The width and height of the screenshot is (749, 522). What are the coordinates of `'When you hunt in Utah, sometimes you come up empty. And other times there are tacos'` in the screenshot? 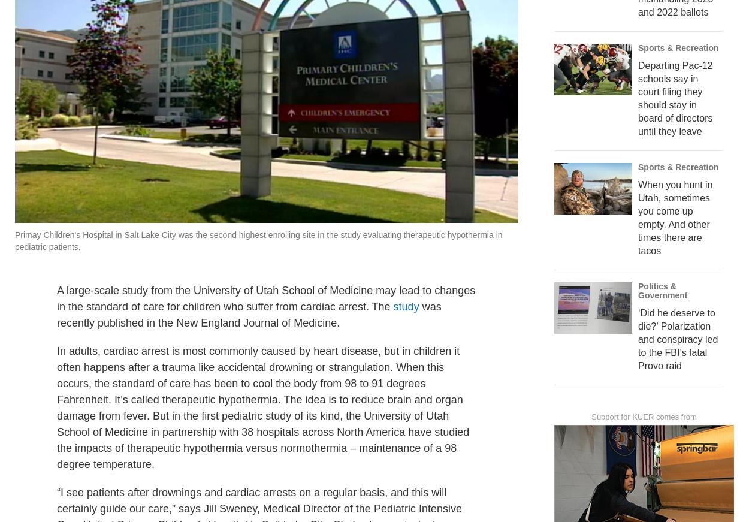 It's located at (675, 242).